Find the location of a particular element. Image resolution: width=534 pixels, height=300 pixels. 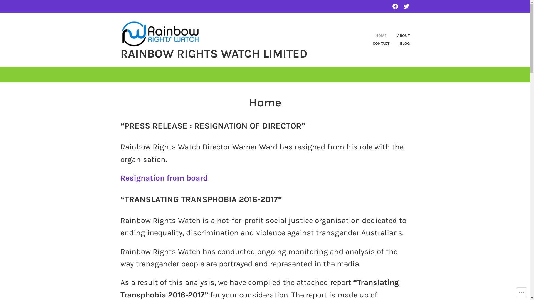

'ABOUT' is located at coordinates (387, 36).